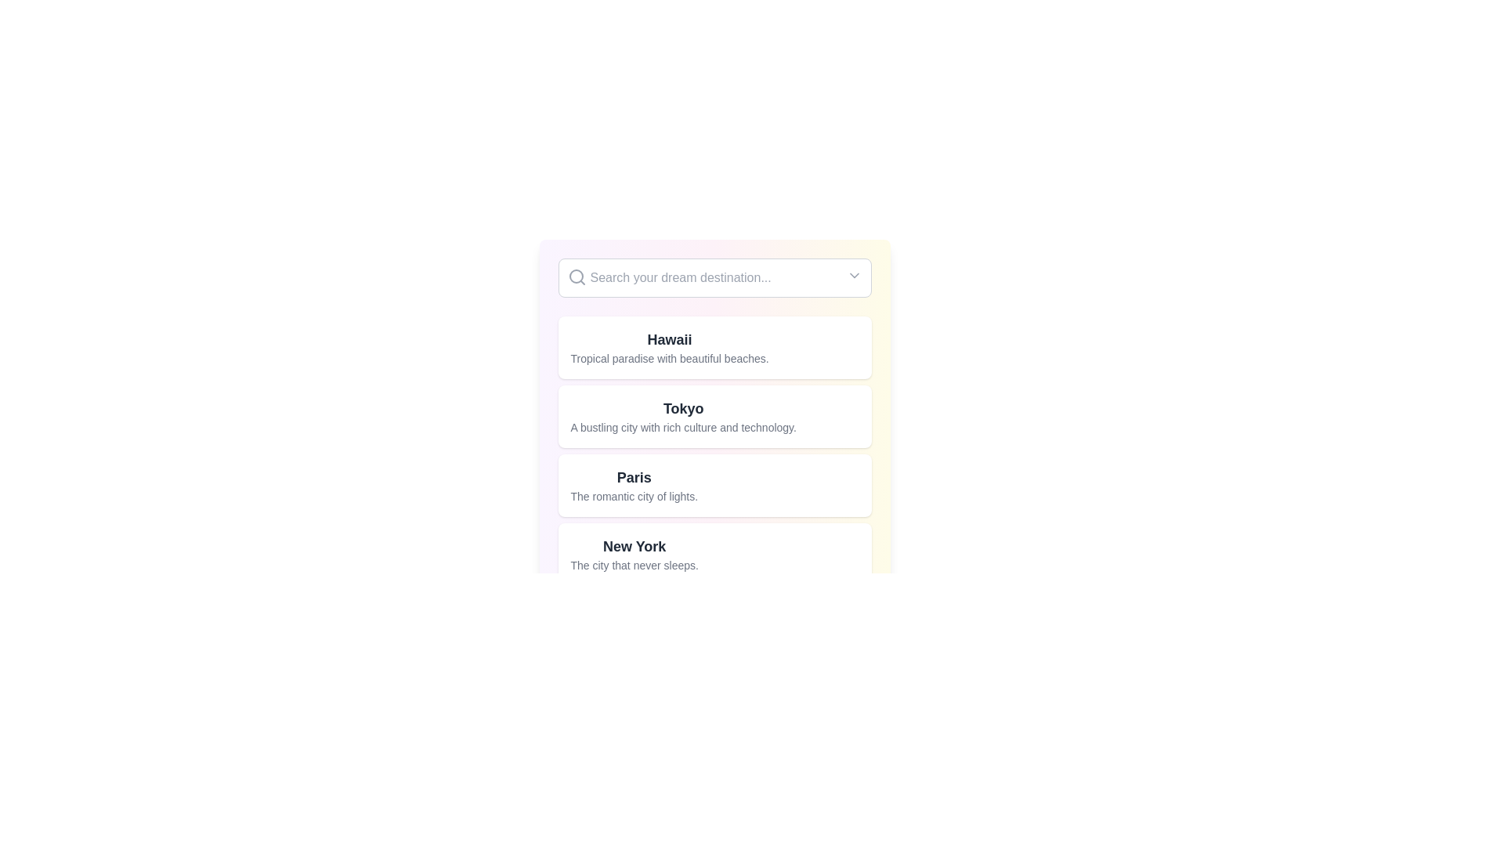  Describe the element at coordinates (714, 450) in the screenshot. I see `the card displaying 'Tokyo'` at that location.